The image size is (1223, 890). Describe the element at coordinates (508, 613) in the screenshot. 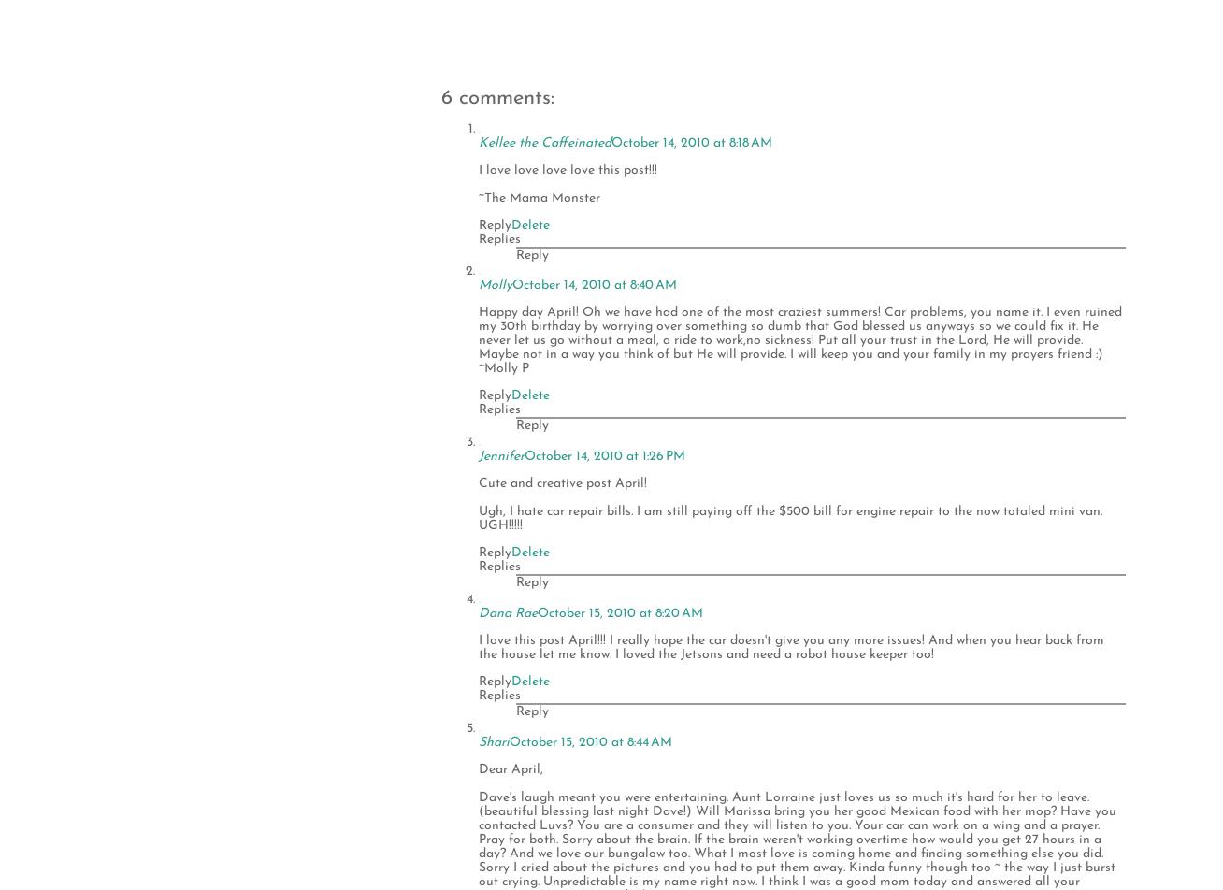

I see `'Dana Rae'` at that location.